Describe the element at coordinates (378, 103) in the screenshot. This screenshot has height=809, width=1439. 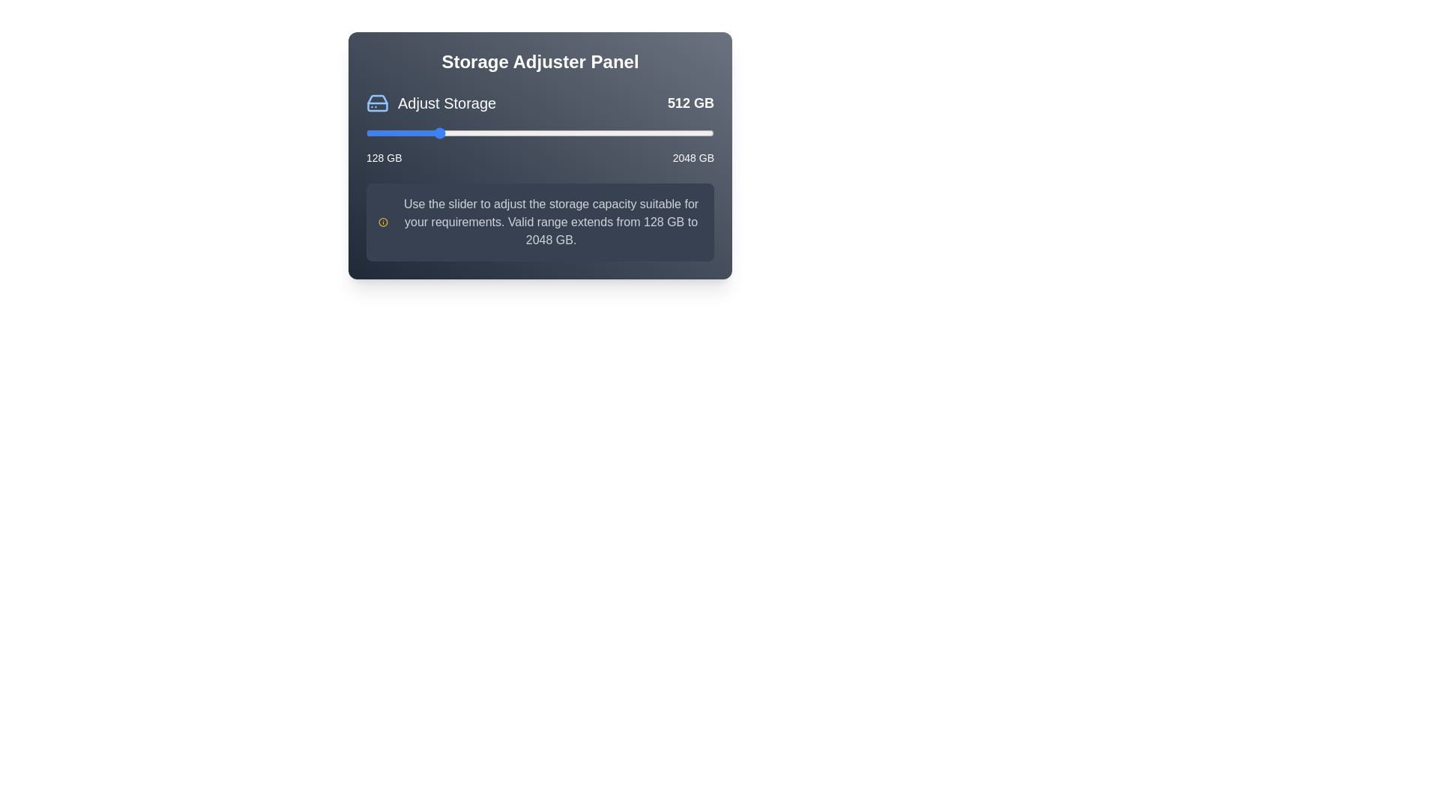
I see `the 'Adjust Storage' icon located on the far left side of the 'Adjust Storage' section` at that location.